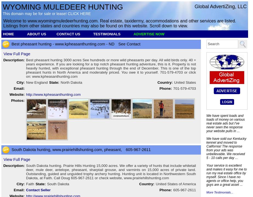 The image size is (253, 197). I want to click on 'This domain may be for sale or lease!', so click(35, 13).